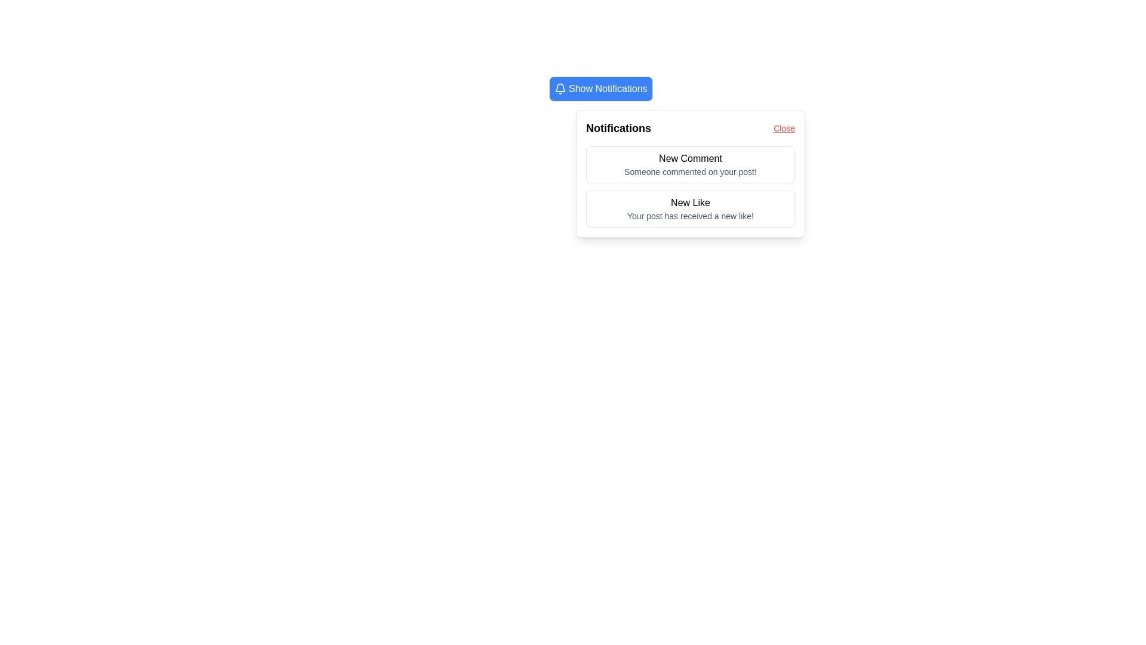  I want to click on the rectangular blue button labeled 'Show Notifications' with a bell icon, so click(600, 88).